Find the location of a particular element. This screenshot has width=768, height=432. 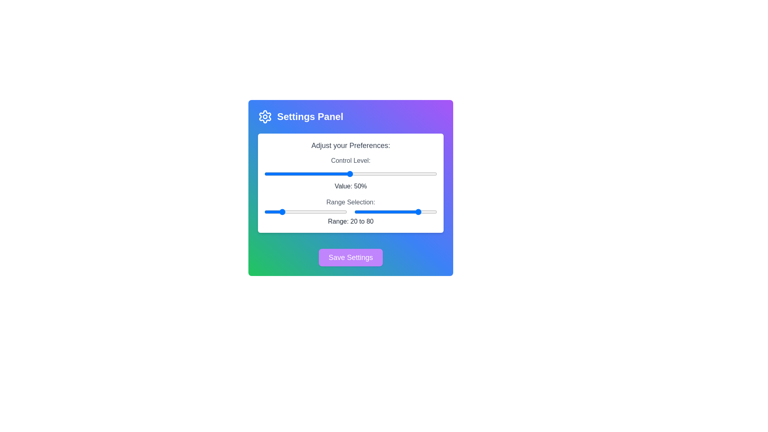

the gear icon located in the header section of the settings panel is located at coordinates (265, 117).